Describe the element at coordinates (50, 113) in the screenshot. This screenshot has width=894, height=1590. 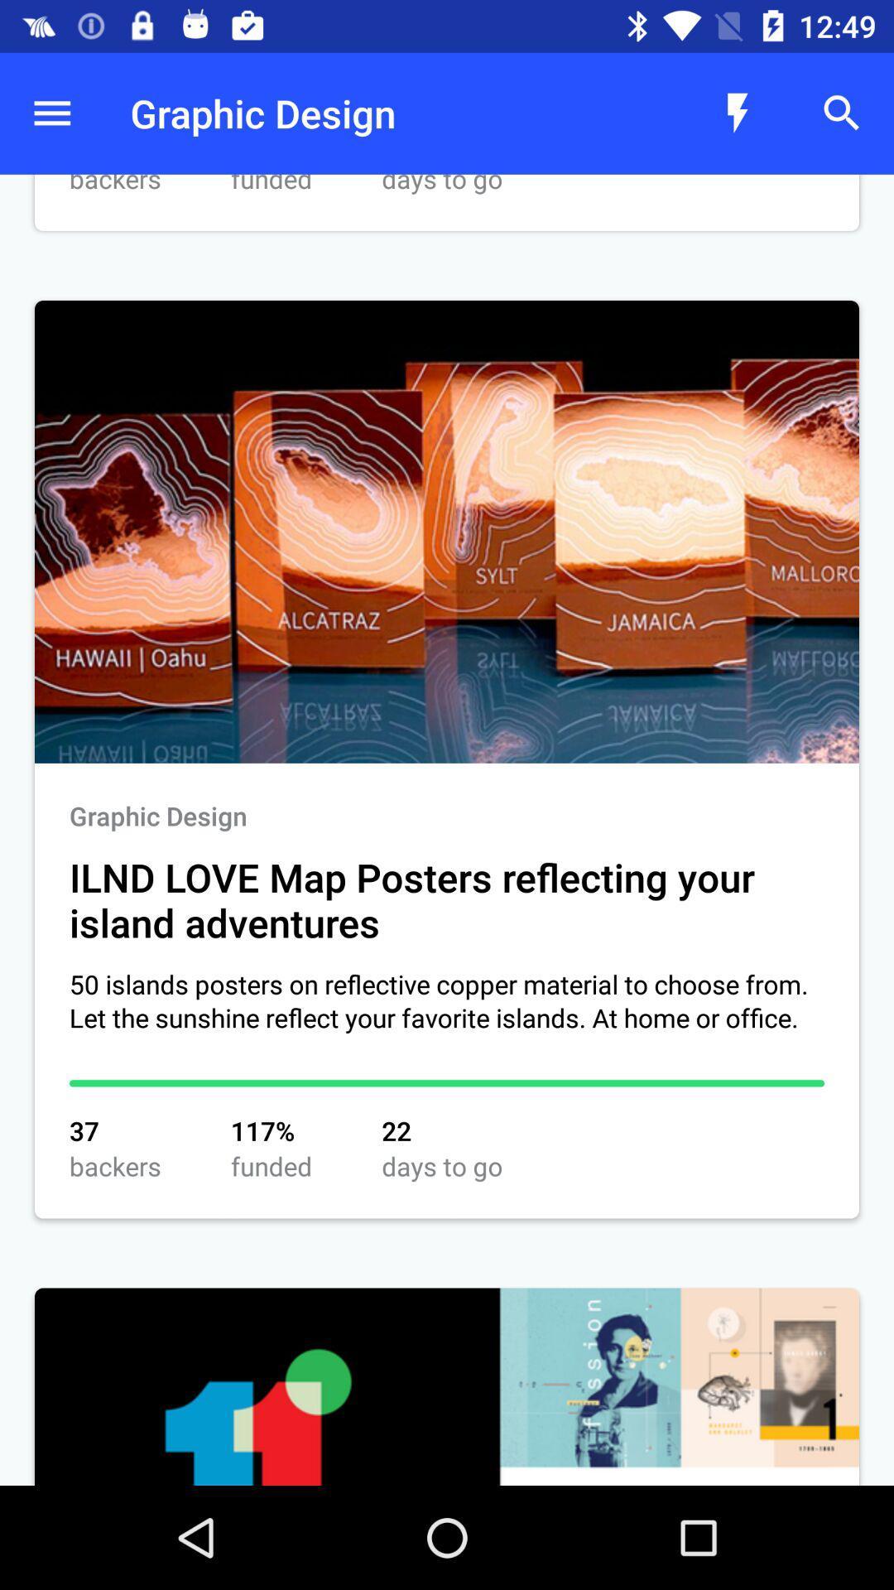
I see `the item above the backers icon` at that location.